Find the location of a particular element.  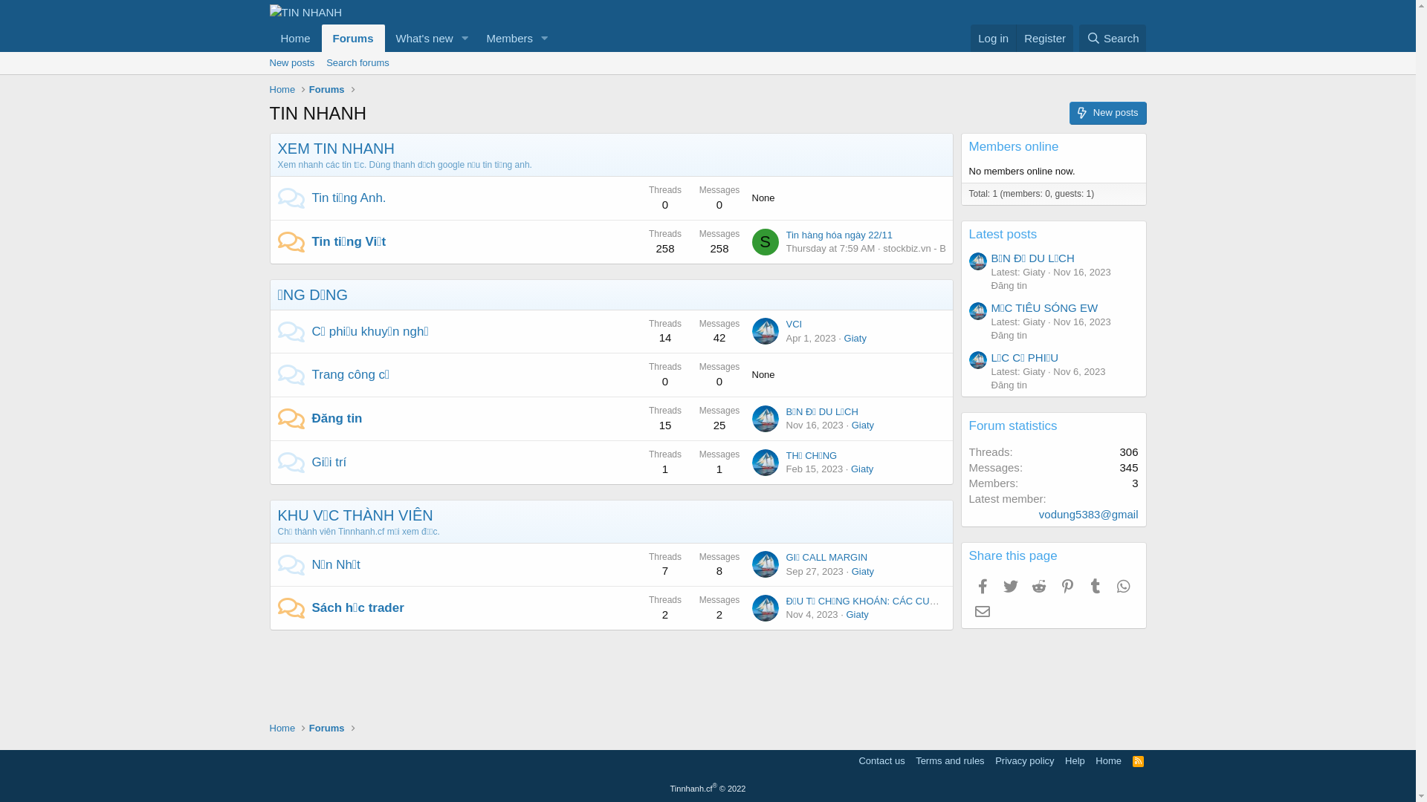

'Latest posts' is located at coordinates (1003, 234).